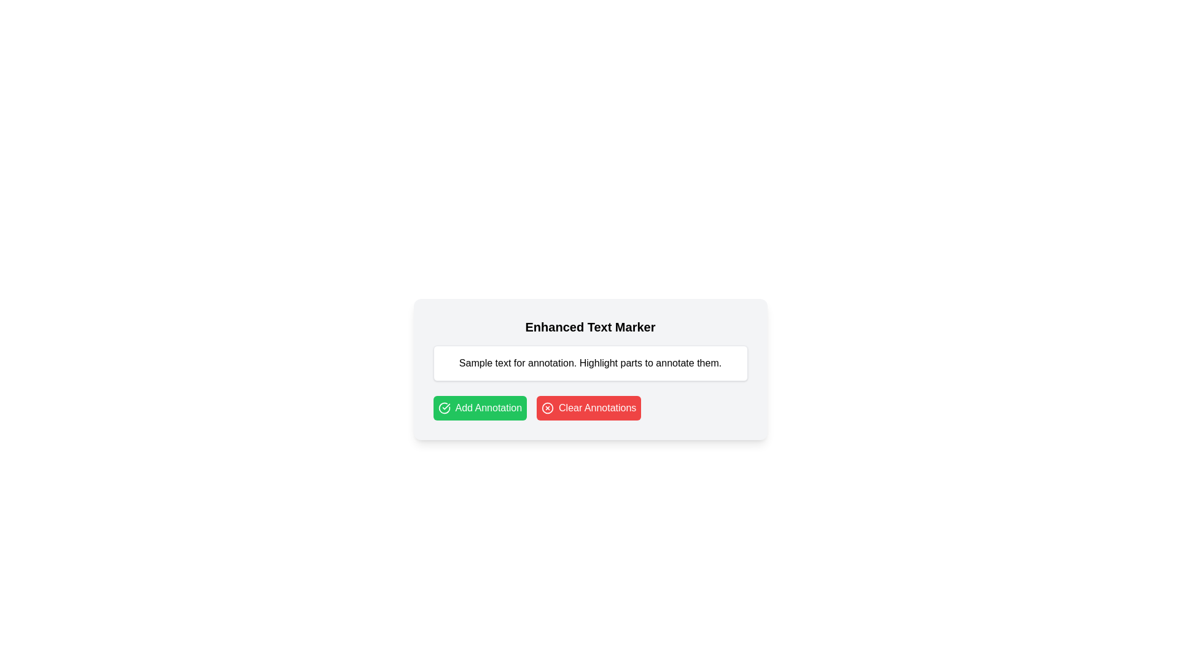 This screenshot has height=663, width=1179. What do you see at coordinates (547, 408) in the screenshot?
I see `the 'Clear Annotations' button, which is a rectangular red button located next to the text label 'Clear Annotations' and contains an icon representing the clearing functionality` at bounding box center [547, 408].